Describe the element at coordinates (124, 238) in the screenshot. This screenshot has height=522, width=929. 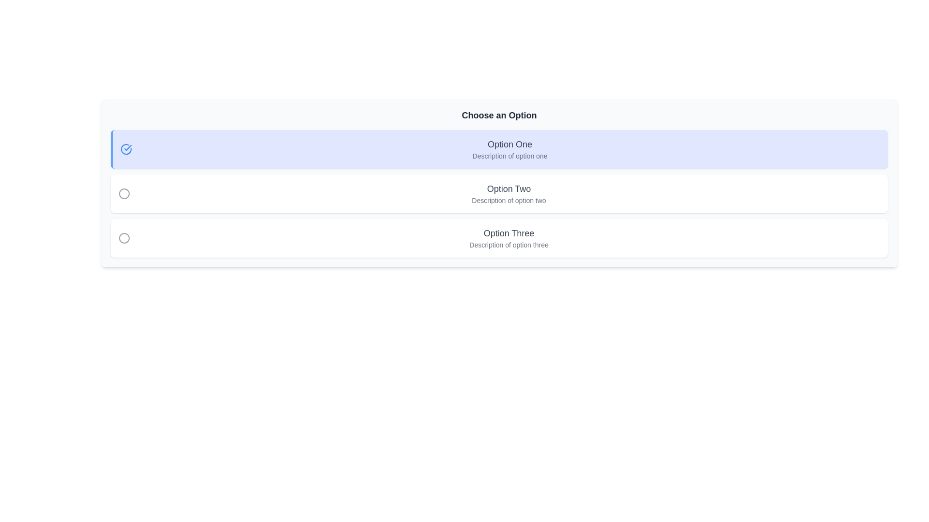
I see `the SVG element with a circular shape located at the top-left corner of the button labeled 'Option Three'` at that location.